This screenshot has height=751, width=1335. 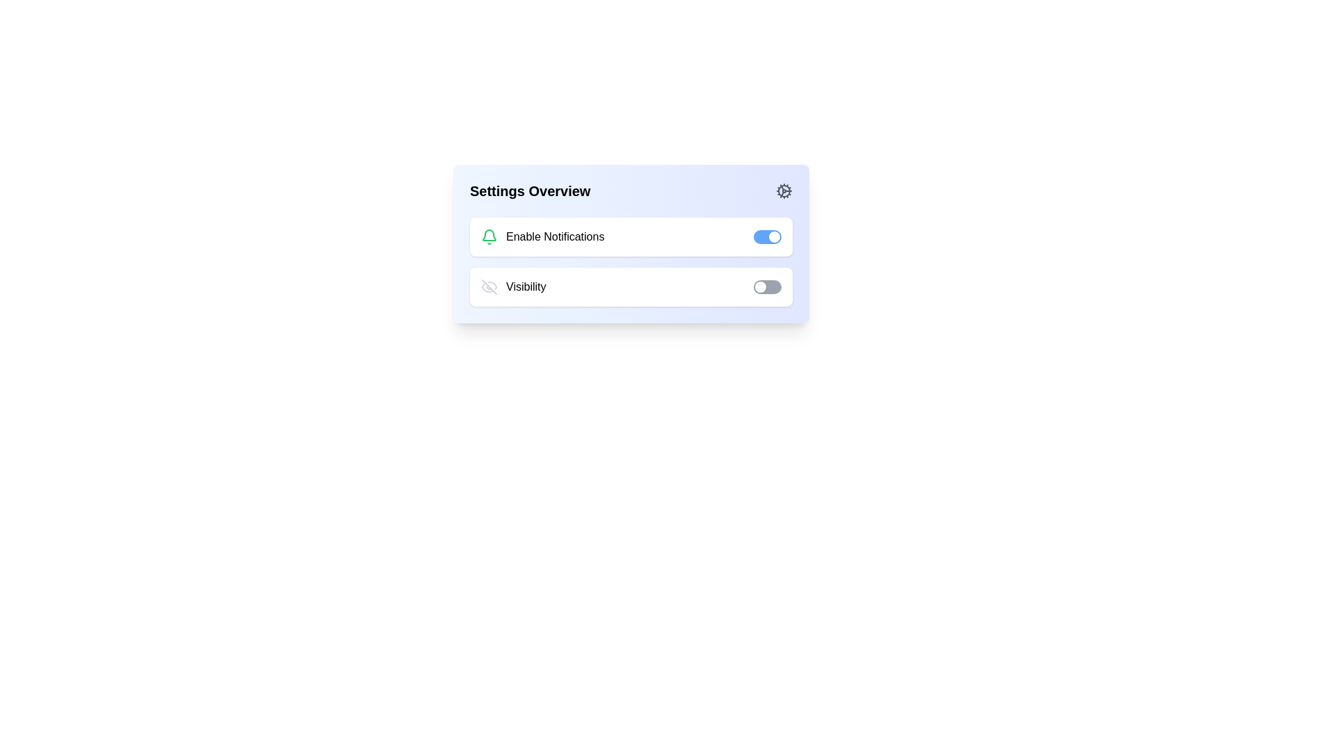 I want to click on the draggable toggle handle on the left side of the toggle switch in the 'Visibility' row of the 'Settings Overview' panel, so click(x=760, y=286).